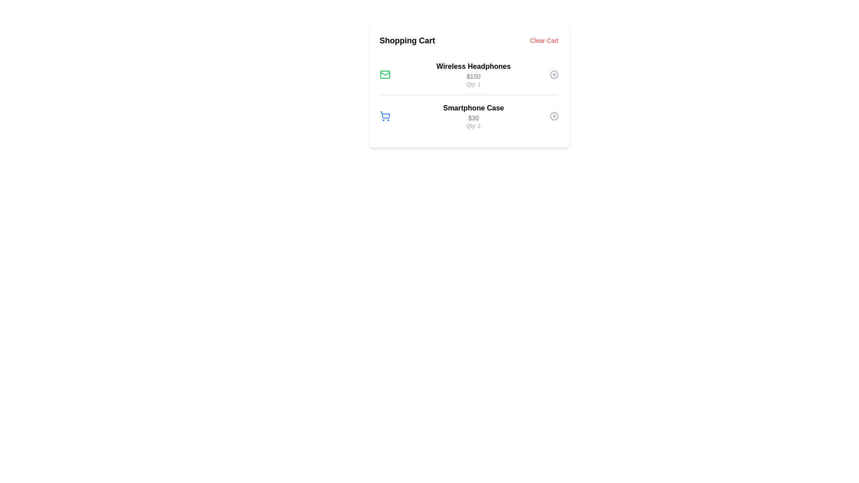 The height and width of the screenshot is (483, 859). Describe the element at coordinates (473, 115) in the screenshot. I see `information displayed in the TextDisplay element that provides details about the item in the shopping cart, located below 'Wireless Headphones' and between the shopping cart icon and the remove button` at that location.